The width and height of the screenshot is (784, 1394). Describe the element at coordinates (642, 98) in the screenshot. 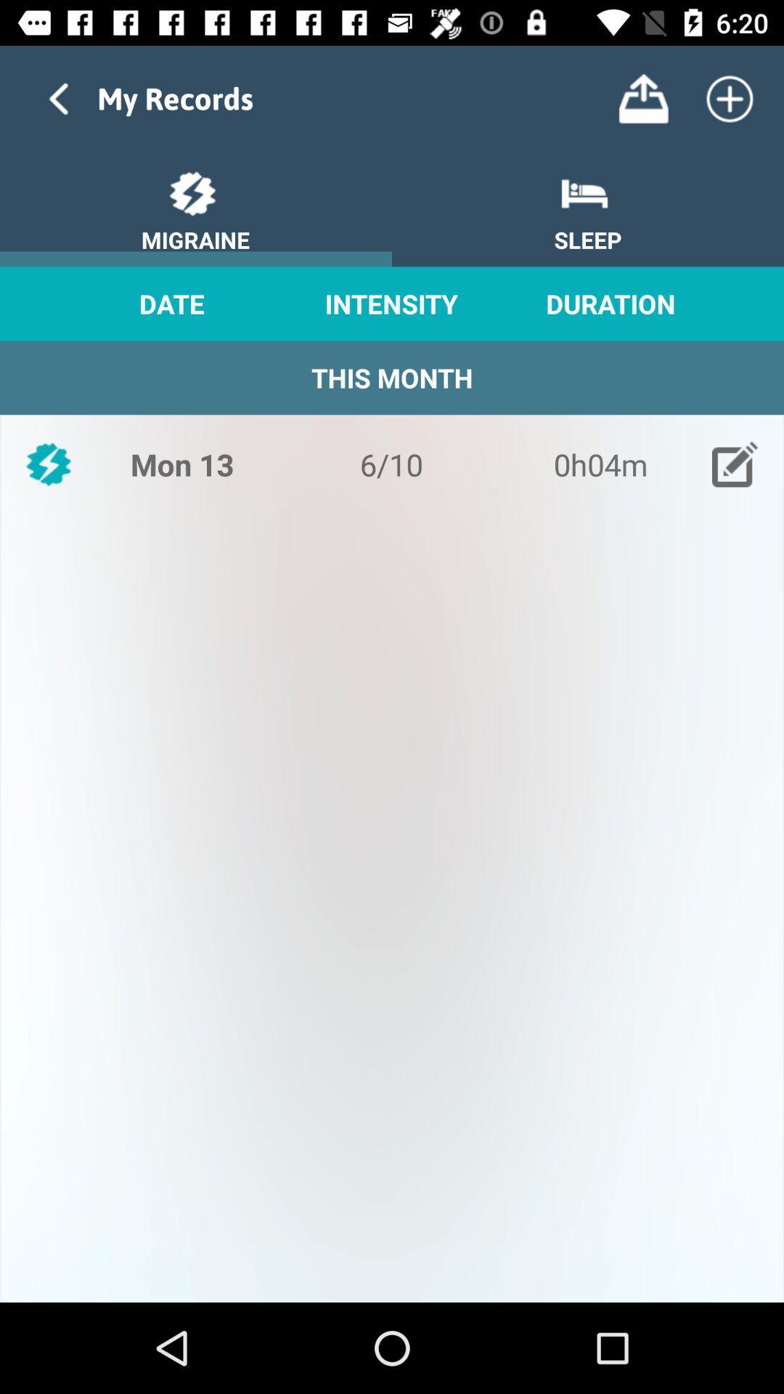

I see `upload item` at that location.